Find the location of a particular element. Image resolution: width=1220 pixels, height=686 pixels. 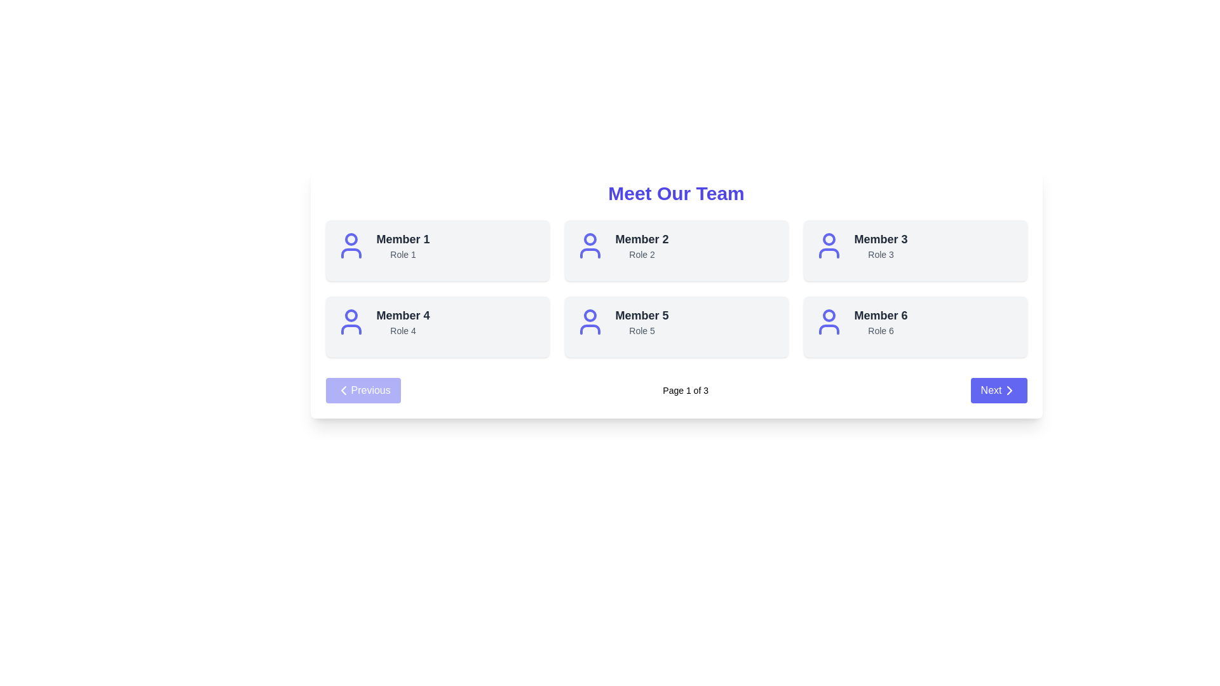

the static text element displaying 'Page 1 of 3', located in the pagination section between the 'Previous' and 'Next' buttons is located at coordinates (685, 389).